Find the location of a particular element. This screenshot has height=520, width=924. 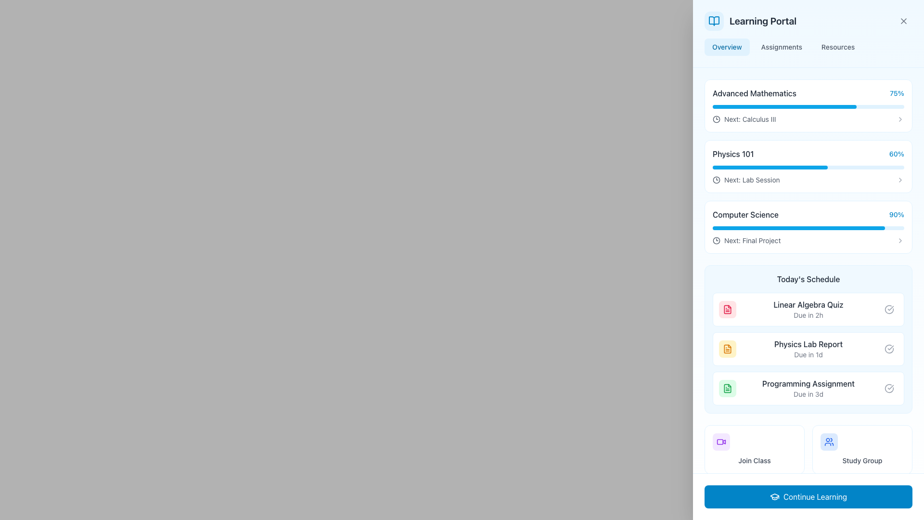

the 'Resources' button, which is the third button in the top right navigation bar is located at coordinates (837, 47).